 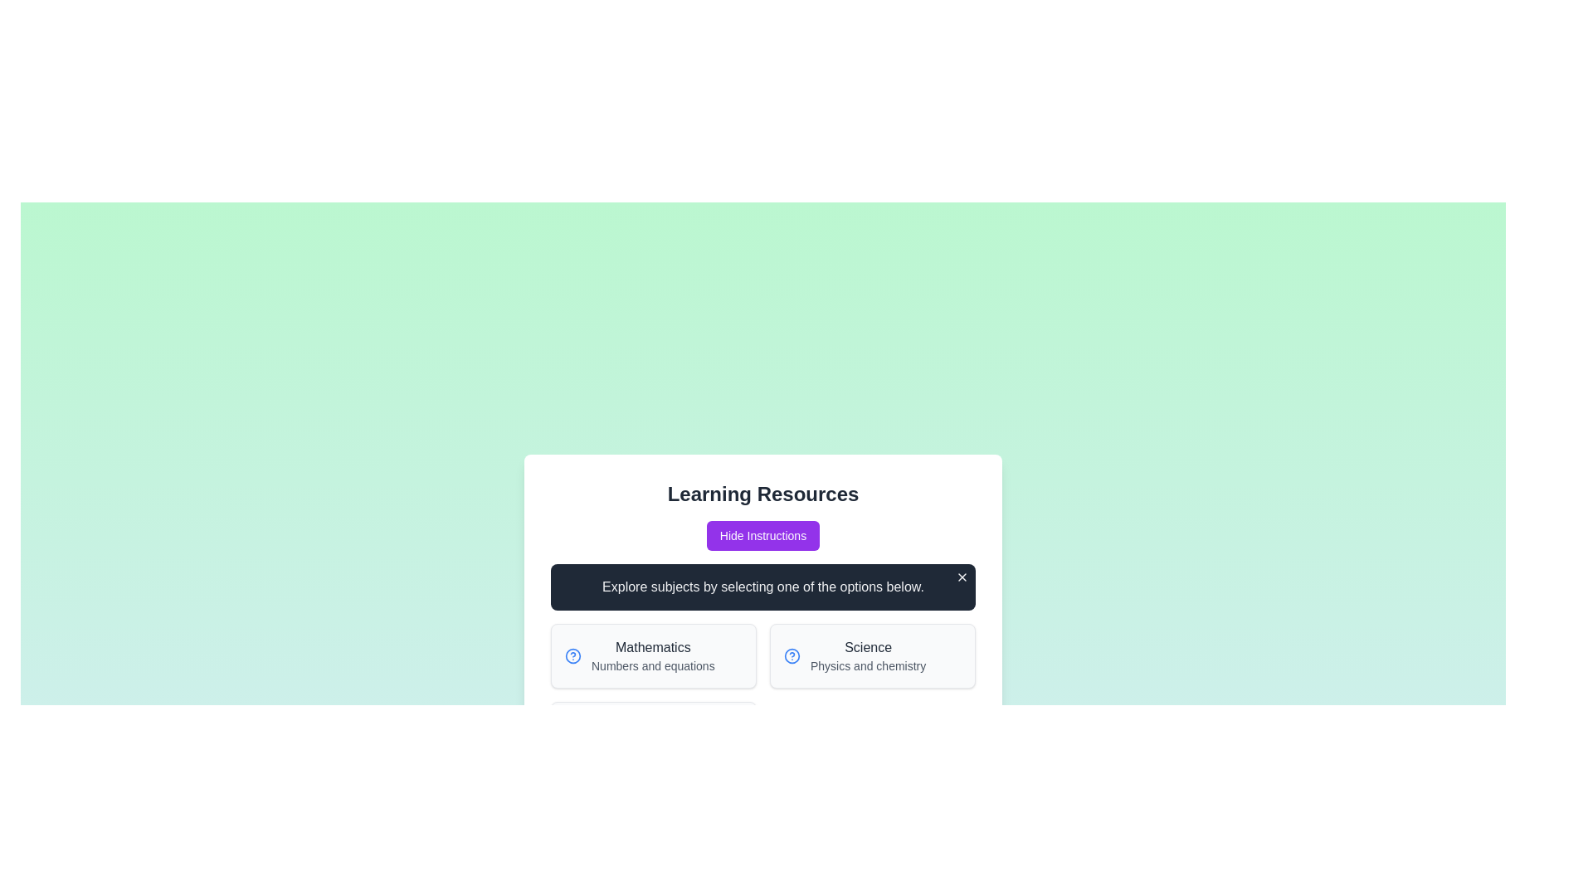 What do you see at coordinates (871, 655) in the screenshot?
I see `the card labeled 'Science' located to the right of the 'Mathematics' card within the 'Learning Resources' section` at bounding box center [871, 655].